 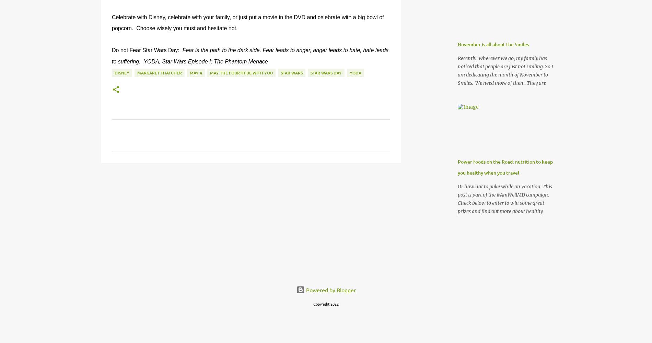 I want to click on 'Do not Fear Star Wars Day:', so click(x=147, y=50).